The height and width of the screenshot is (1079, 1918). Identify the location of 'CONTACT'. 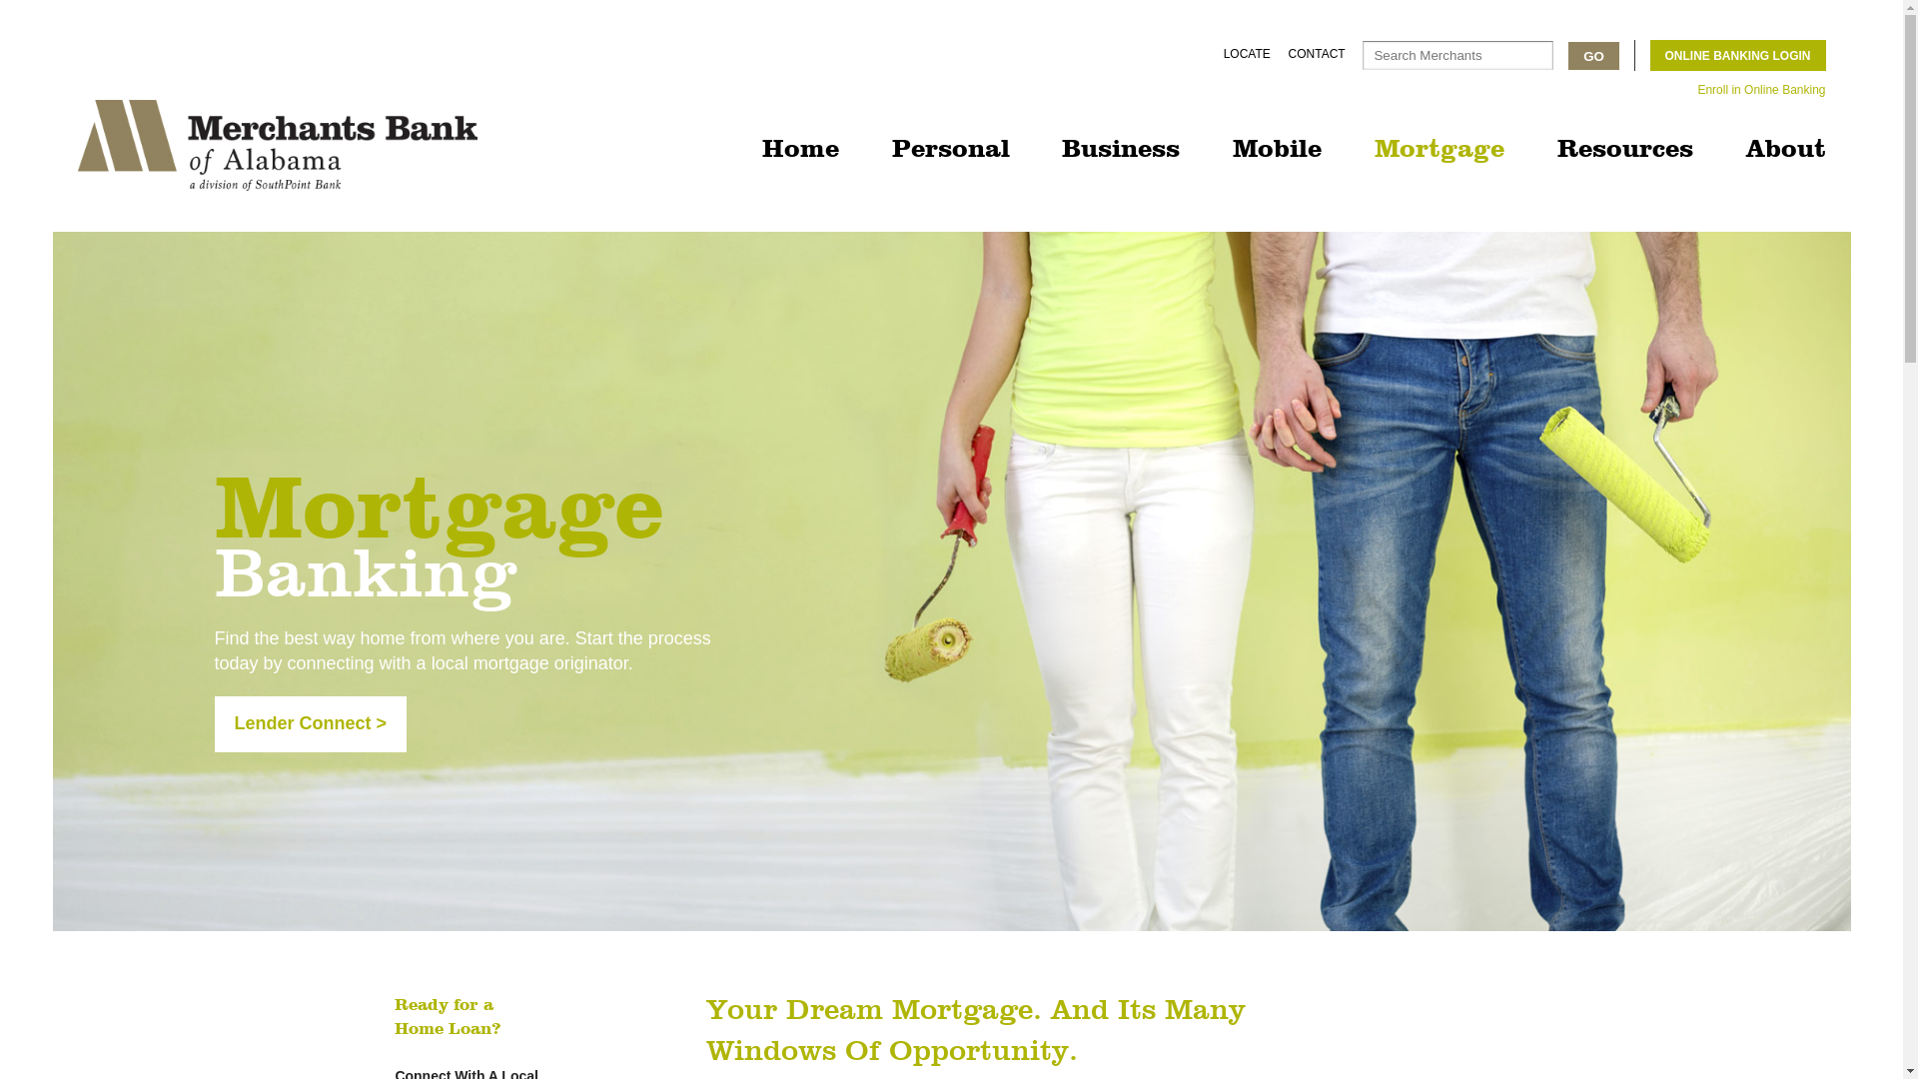
(1317, 53).